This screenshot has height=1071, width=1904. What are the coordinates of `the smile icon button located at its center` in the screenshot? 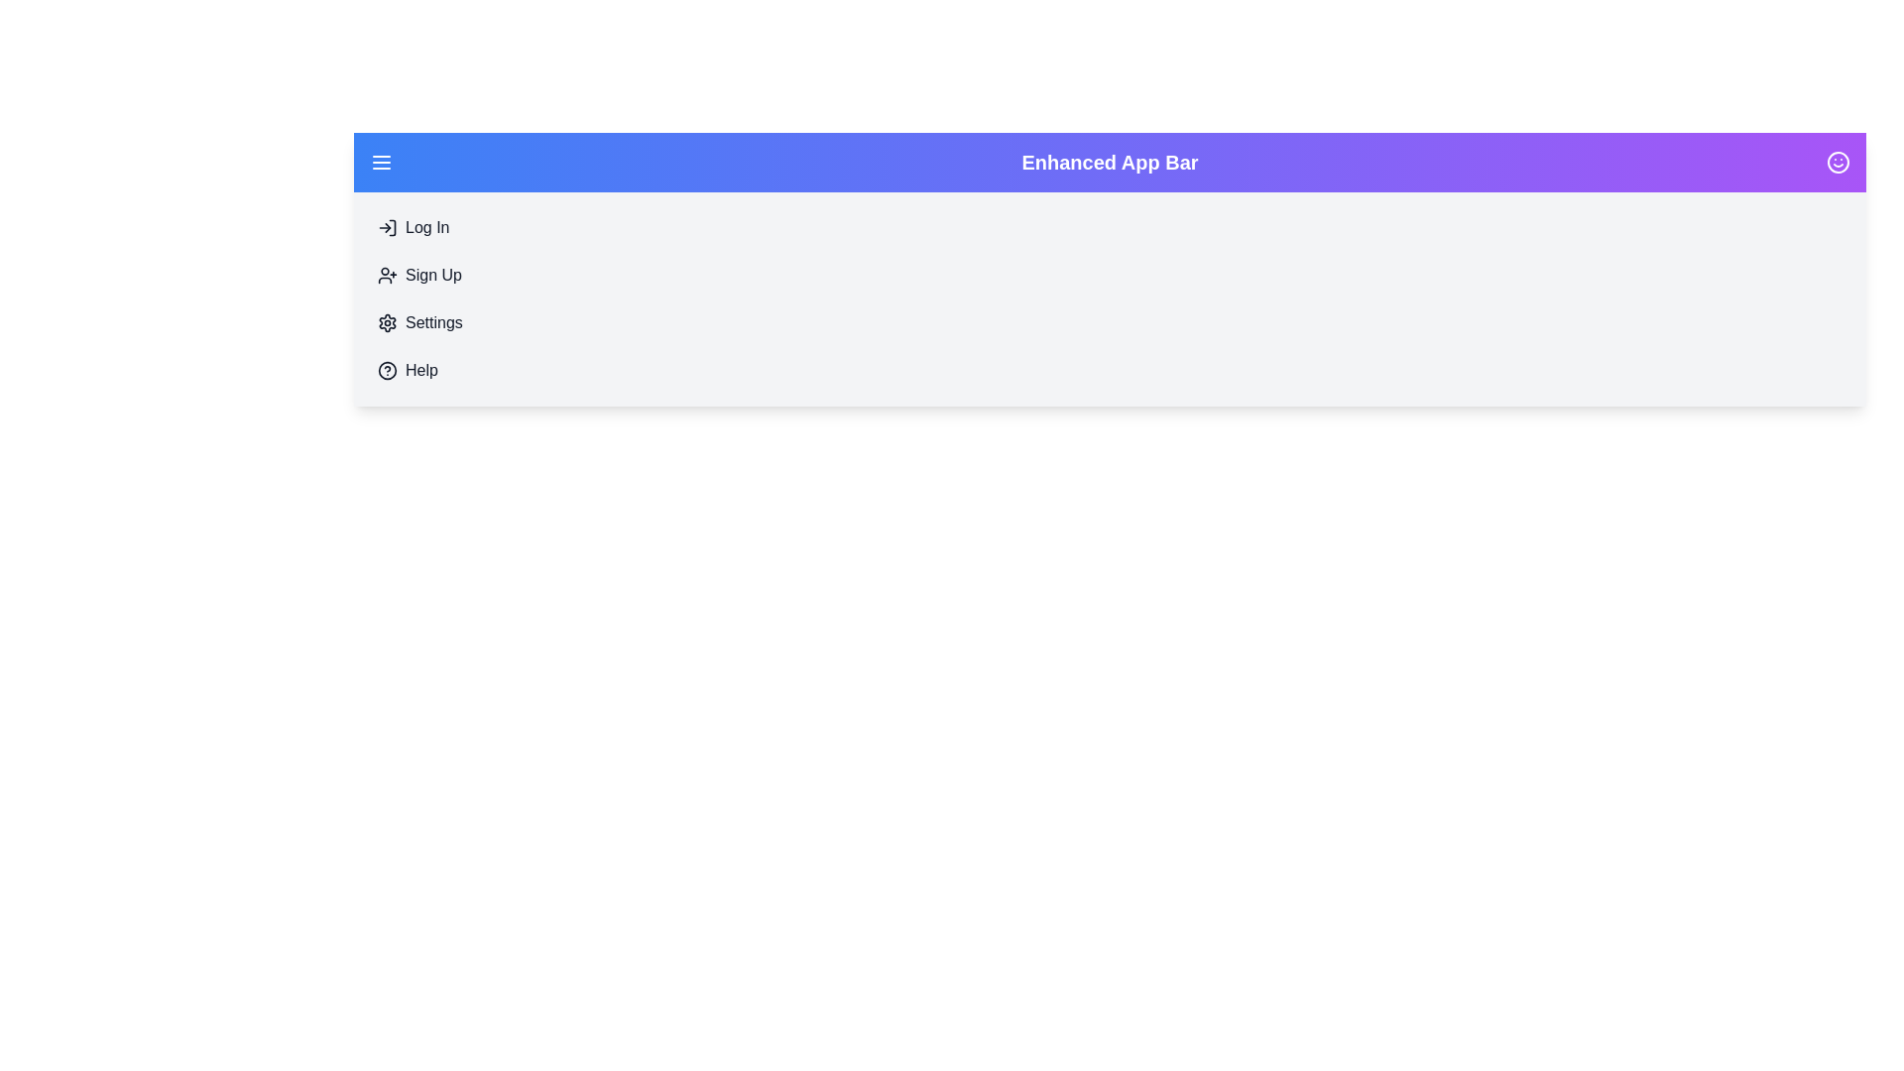 It's located at (1837, 162).